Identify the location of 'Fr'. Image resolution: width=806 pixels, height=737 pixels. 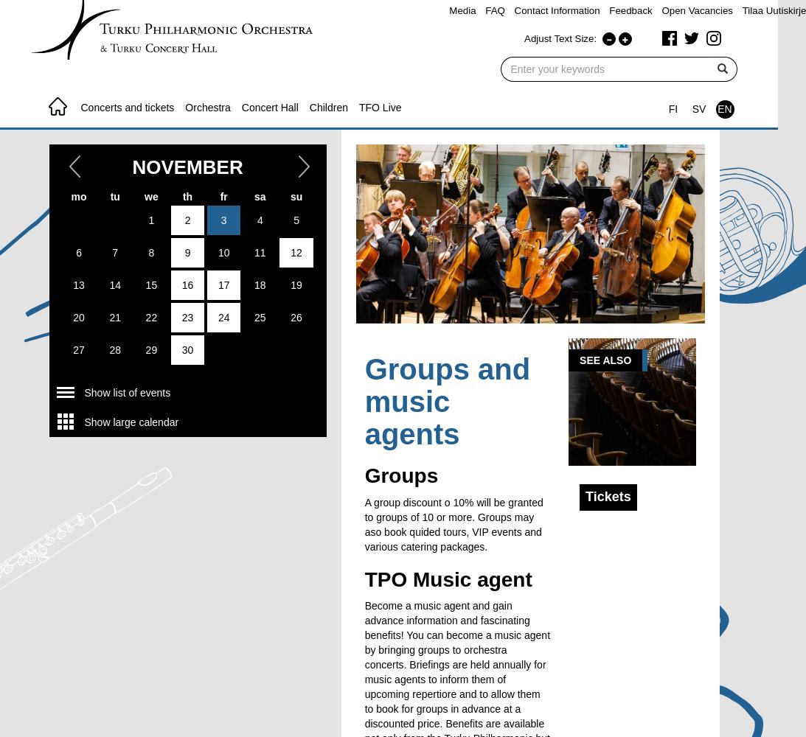
(222, 196).